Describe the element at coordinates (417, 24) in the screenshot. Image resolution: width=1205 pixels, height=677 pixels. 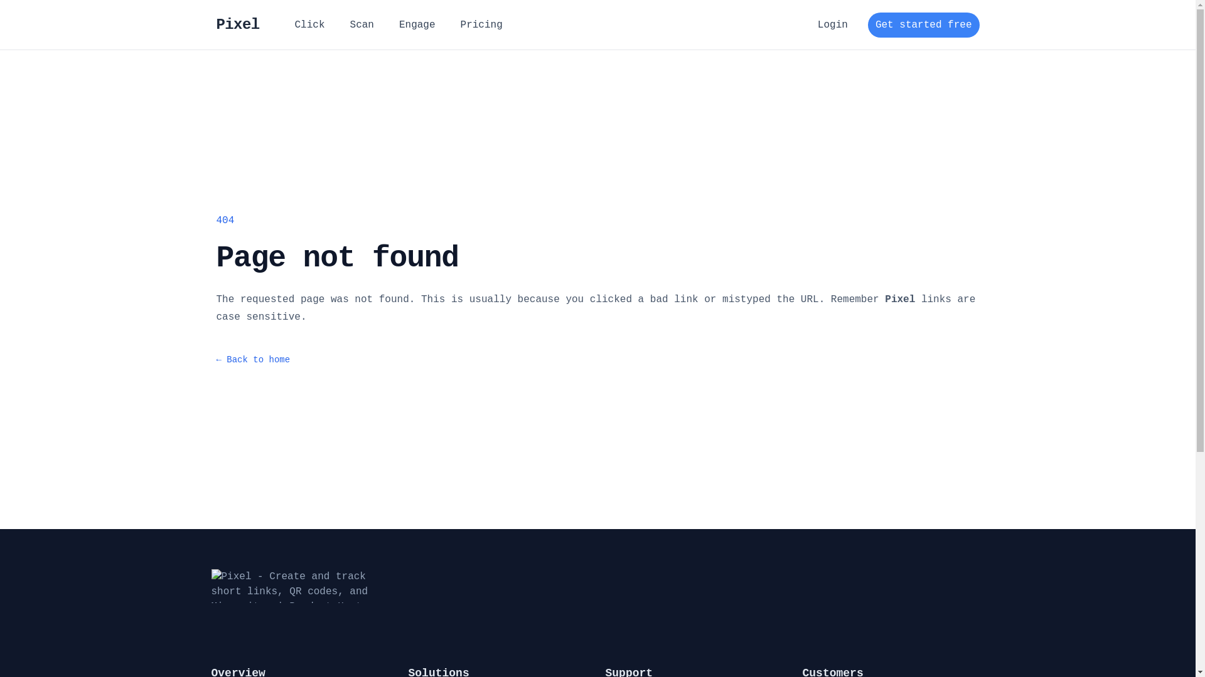
I see `'Engage'` at that location.